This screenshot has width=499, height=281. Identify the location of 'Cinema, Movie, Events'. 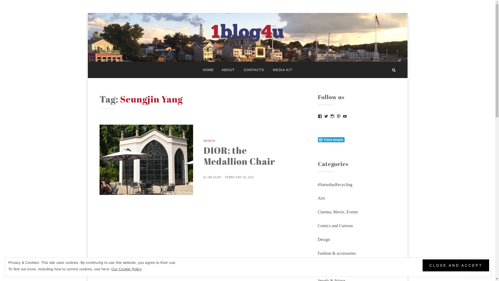
(317, 212).